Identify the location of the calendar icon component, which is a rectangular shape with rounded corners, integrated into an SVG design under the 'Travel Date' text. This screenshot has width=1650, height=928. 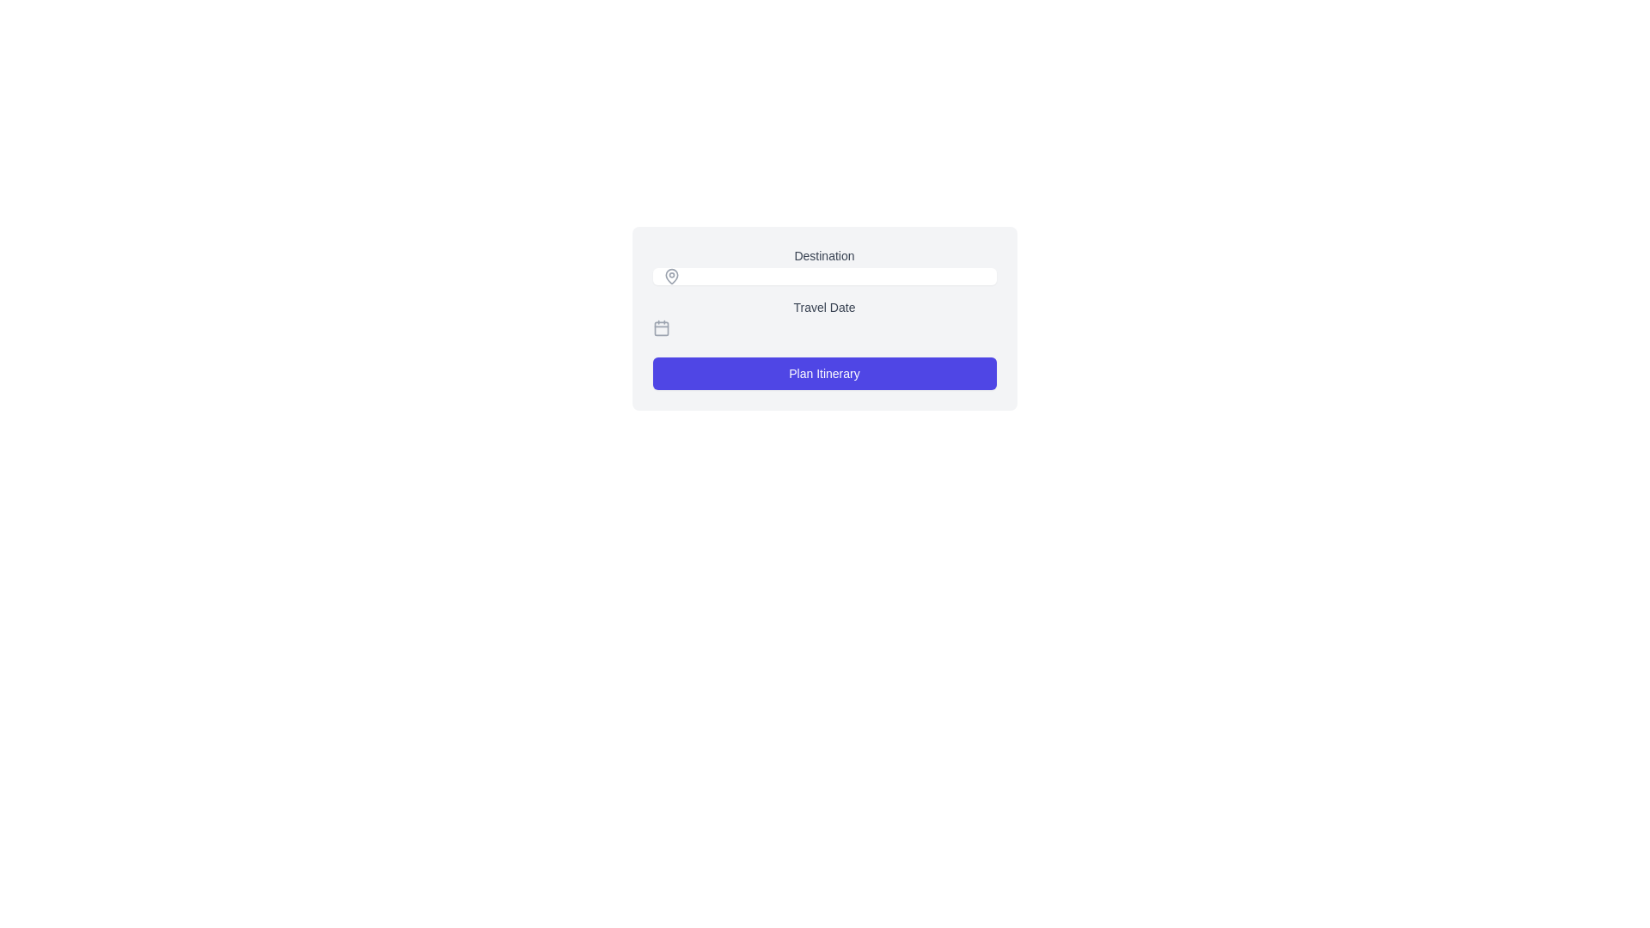
(660, 328).